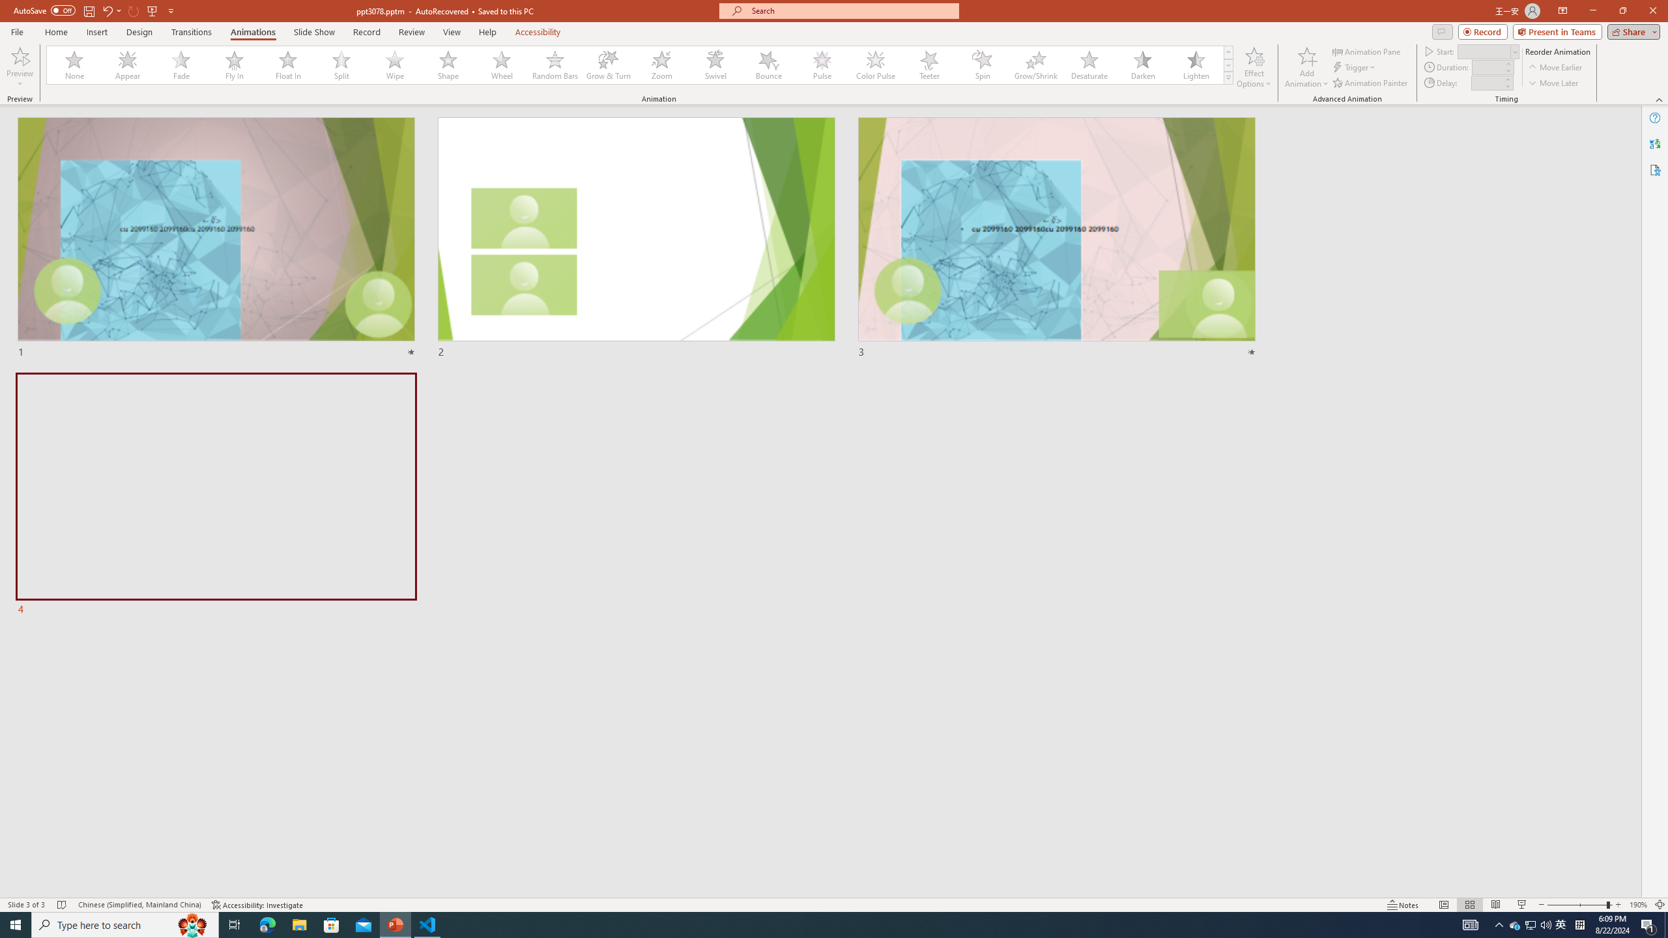 The width and height of the screenshot is (1668, 938). Describe the element at coordinates (395, 64) in the screenshot. I see `'Wipe'` at that location.